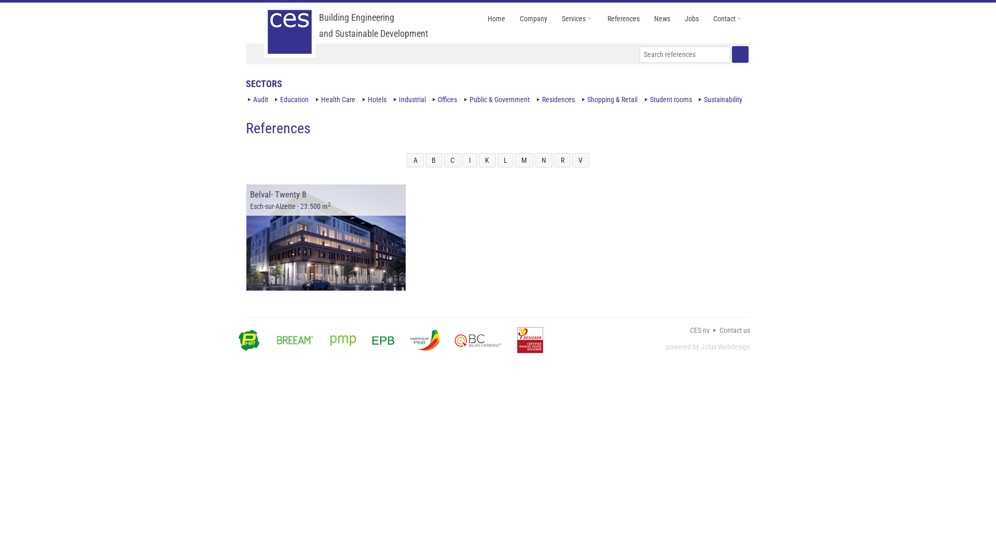 The width and height of the screenshot is (996, 560). I want to click on 'Company', so click(533, 19).